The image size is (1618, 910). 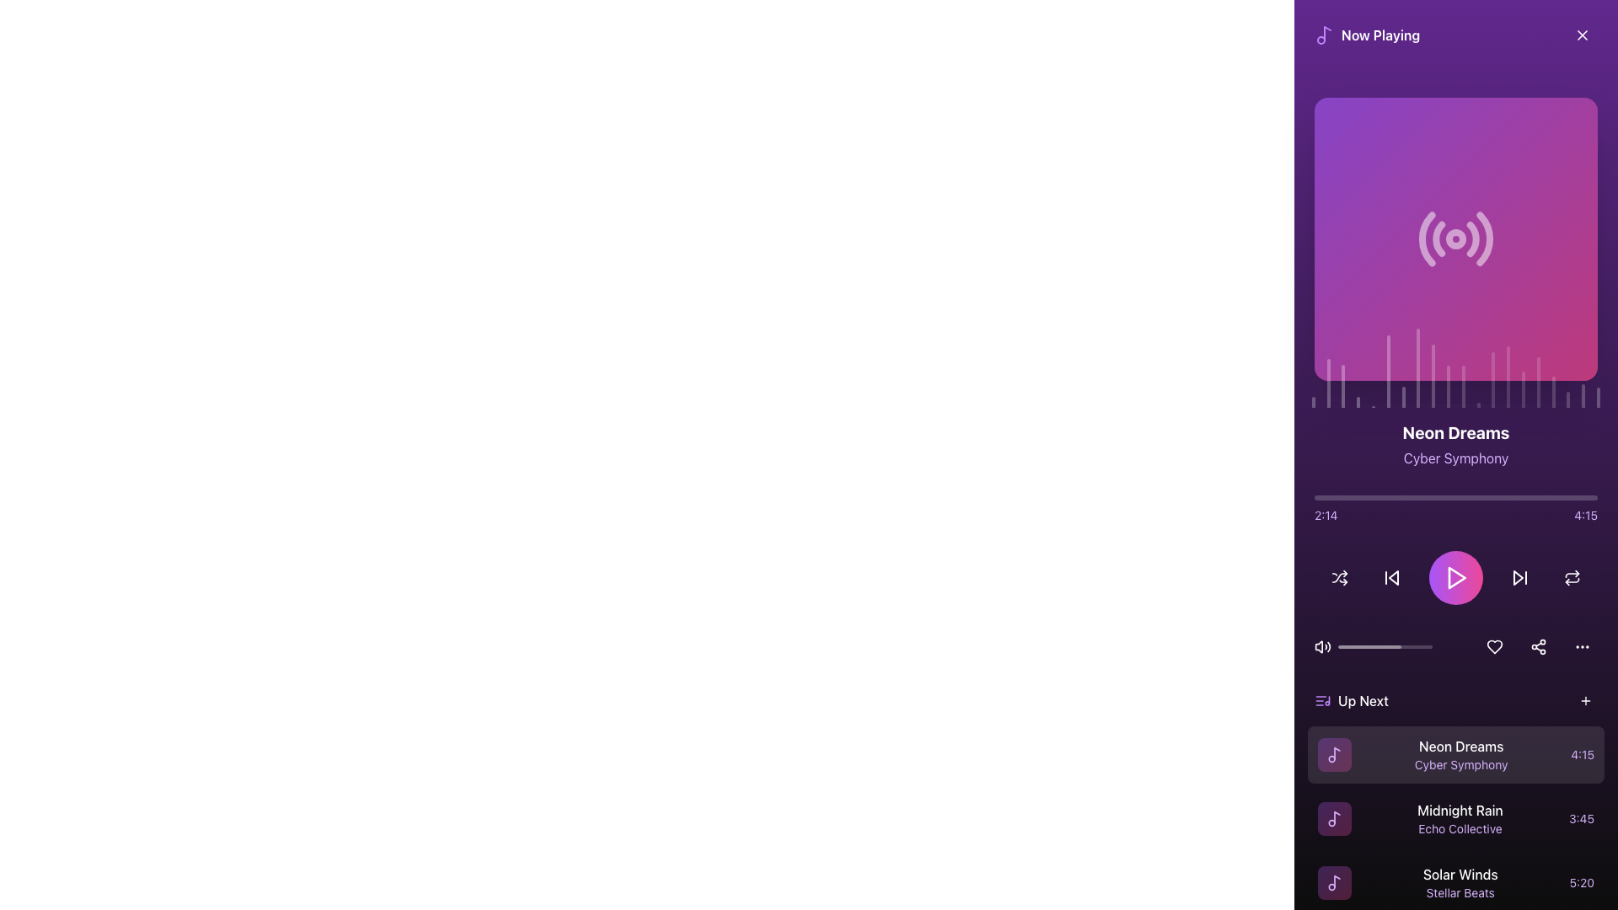 I want to click on the volume slider, so click(x=1359, y=645).